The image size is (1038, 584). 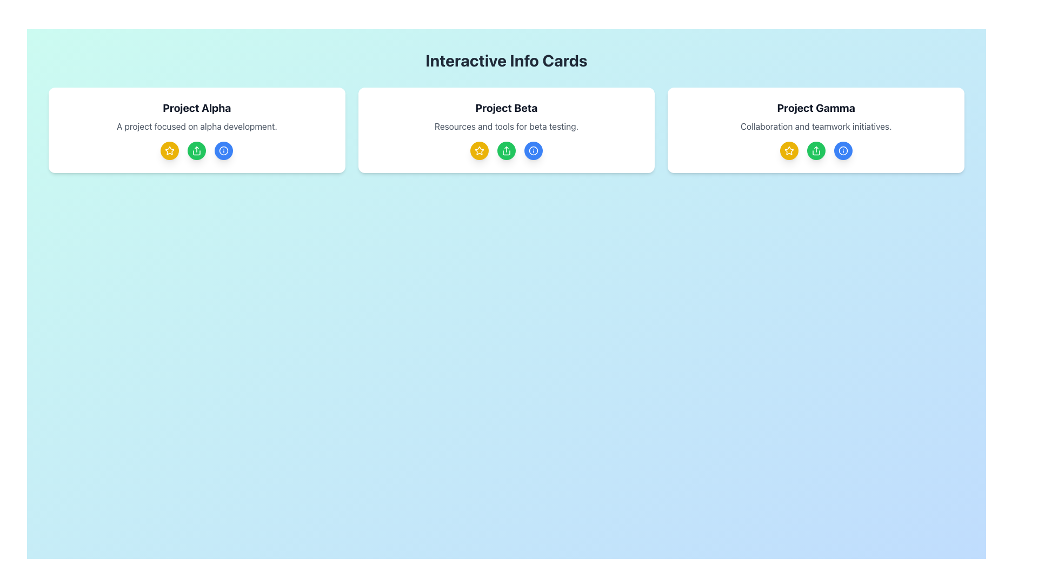 I want to click on the circular button with a green background and white upward arrow icon, which is the second button in the row on the 'Project Gamma' card, so click(x=816, y=150).